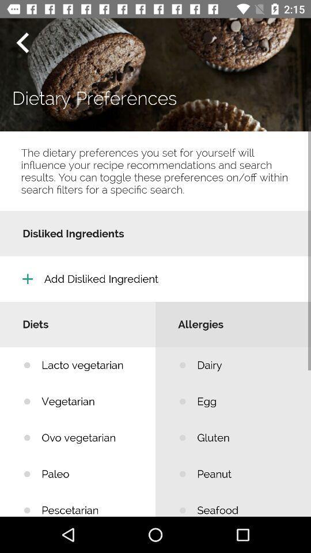 This screenshot has width=311, height=553. I want to click on item next to gluten, so click(89, 474).